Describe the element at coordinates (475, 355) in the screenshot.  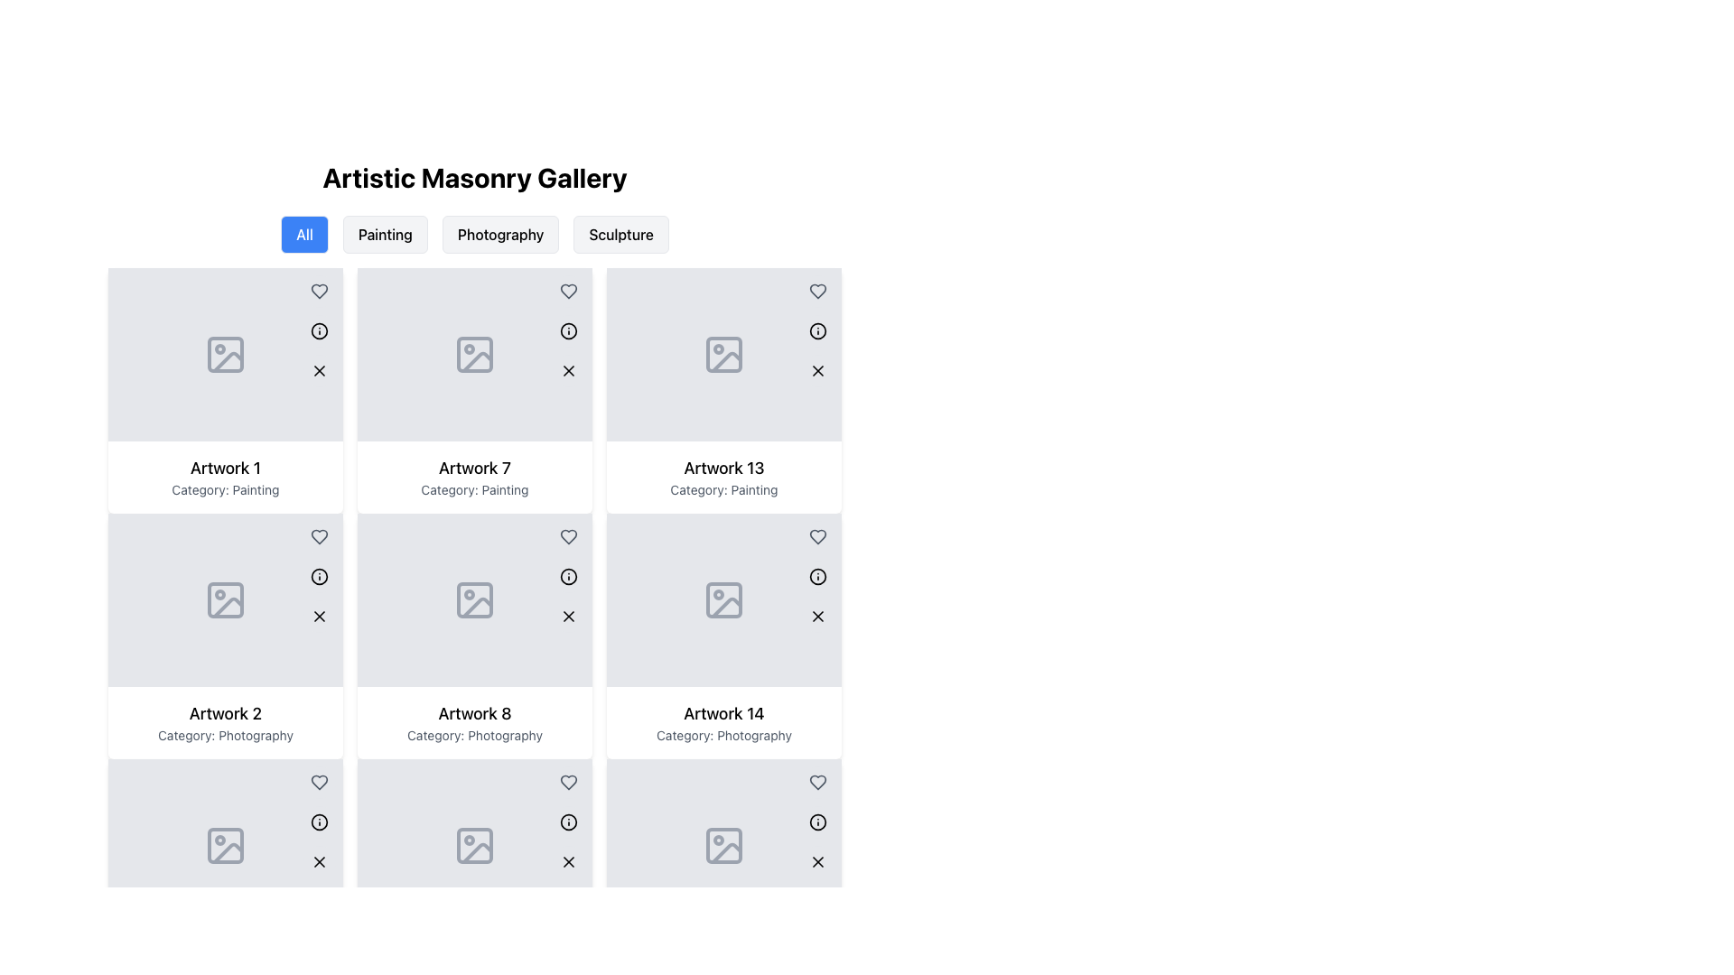
I see `the inner rectangle decorative graphic element located near the top-left corner of the 'Artwork 7' icon in the gallery` at that location.